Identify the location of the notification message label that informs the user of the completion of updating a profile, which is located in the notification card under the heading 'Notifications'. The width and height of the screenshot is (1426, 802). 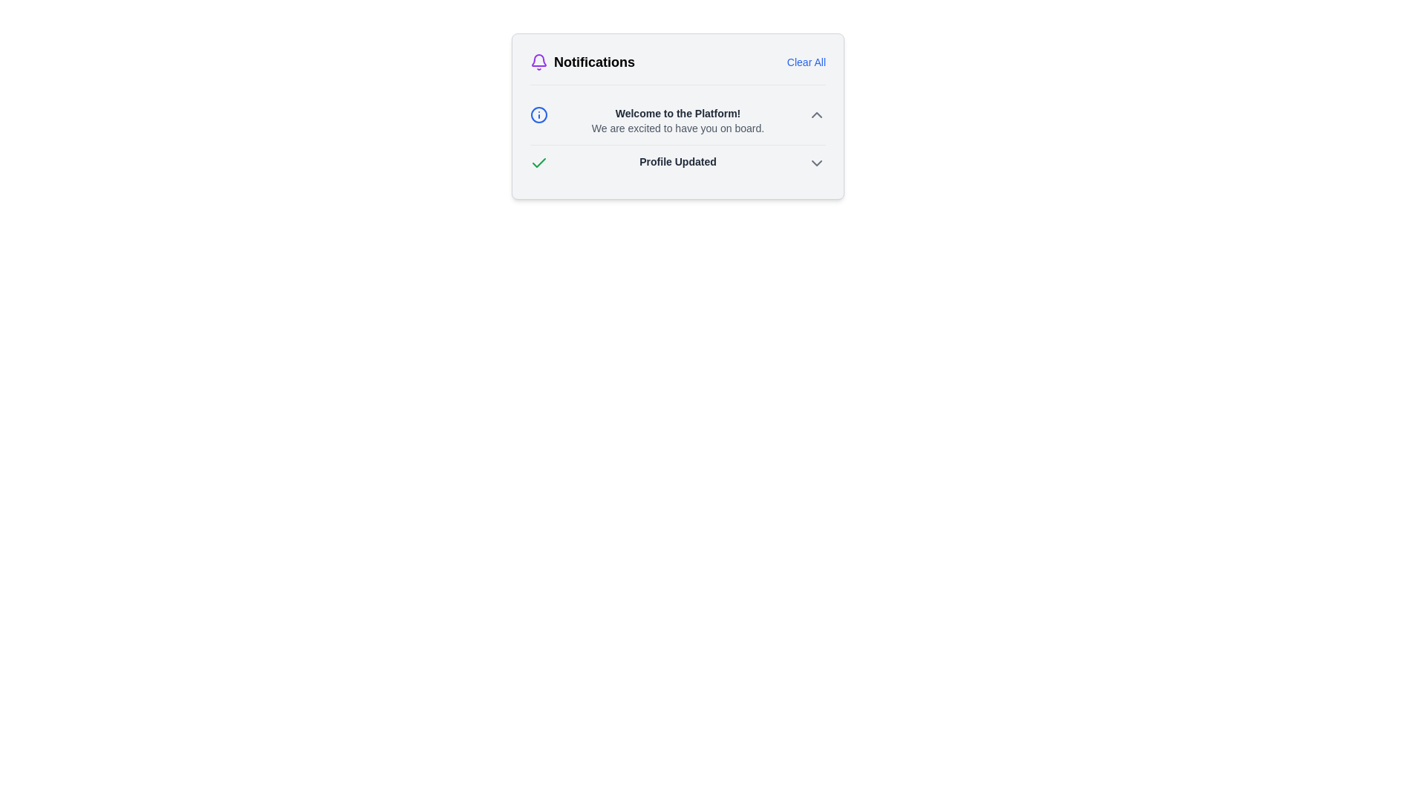
(677, 162).